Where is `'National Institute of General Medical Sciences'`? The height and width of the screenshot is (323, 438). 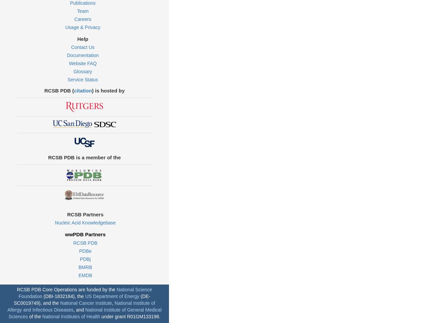
'National Institute of General Medical Sciences' is located at coordinates (85, 313).